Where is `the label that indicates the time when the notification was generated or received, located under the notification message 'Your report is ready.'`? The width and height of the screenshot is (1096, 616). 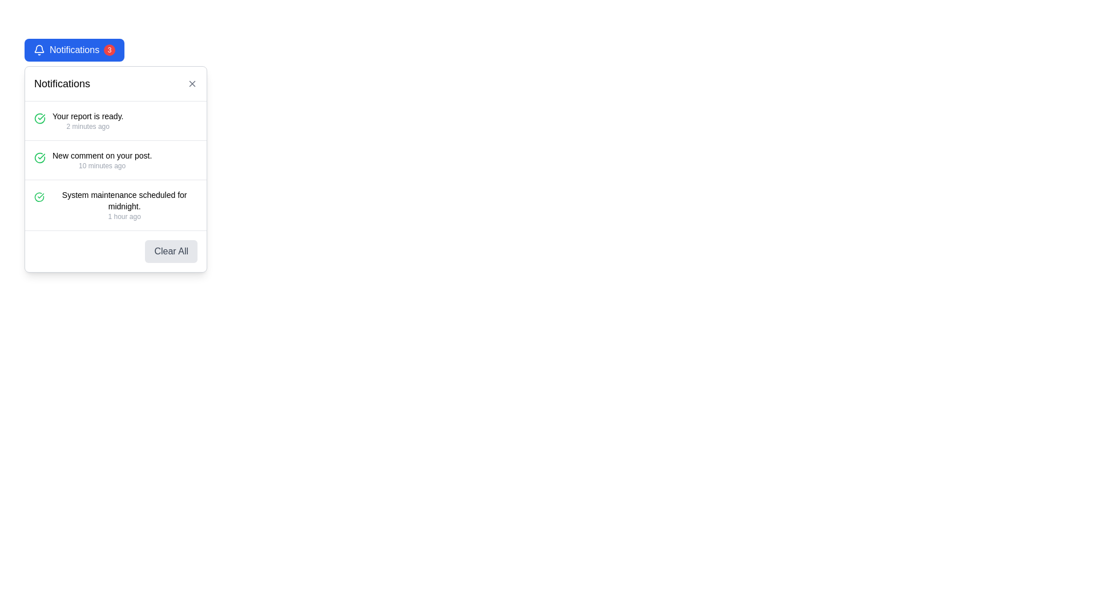 the label that indicates the time when the notification was generated or received, located under the notification message 'Your report is ready.' is located at coordinates (87, 127).